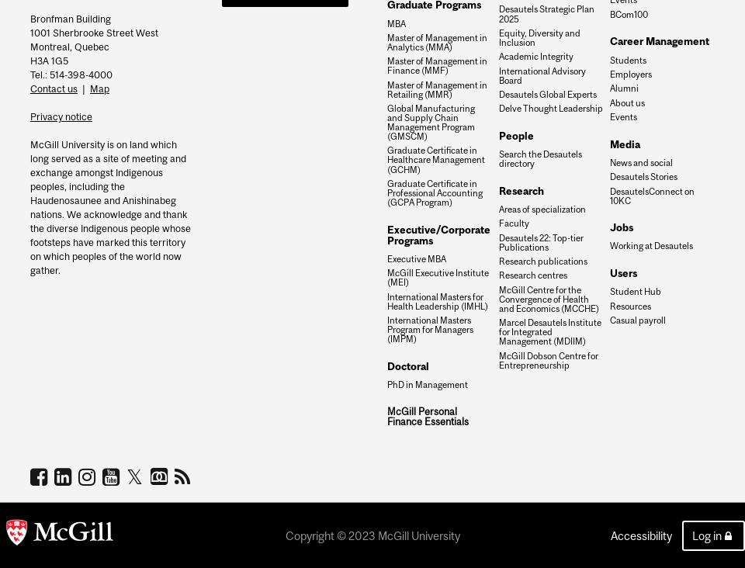  What do you see at coordinates (635, 290) in the screenshot?
I see `'Student Hub'` at bounding box center [635, 290].